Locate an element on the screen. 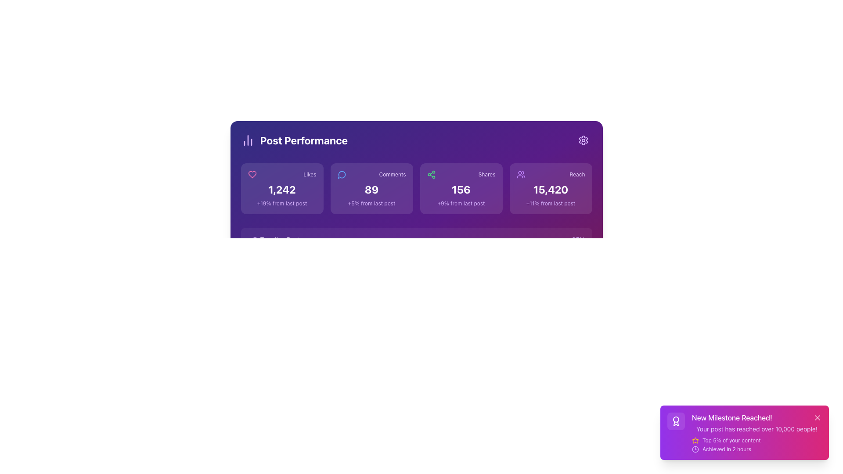  the 'Likes' text label, which is displayed in a small, capitalized font with a light purple hue, located in the 'Post Performance' section at the top-left corner of the statistics cards is located at coordinates (310, 174).